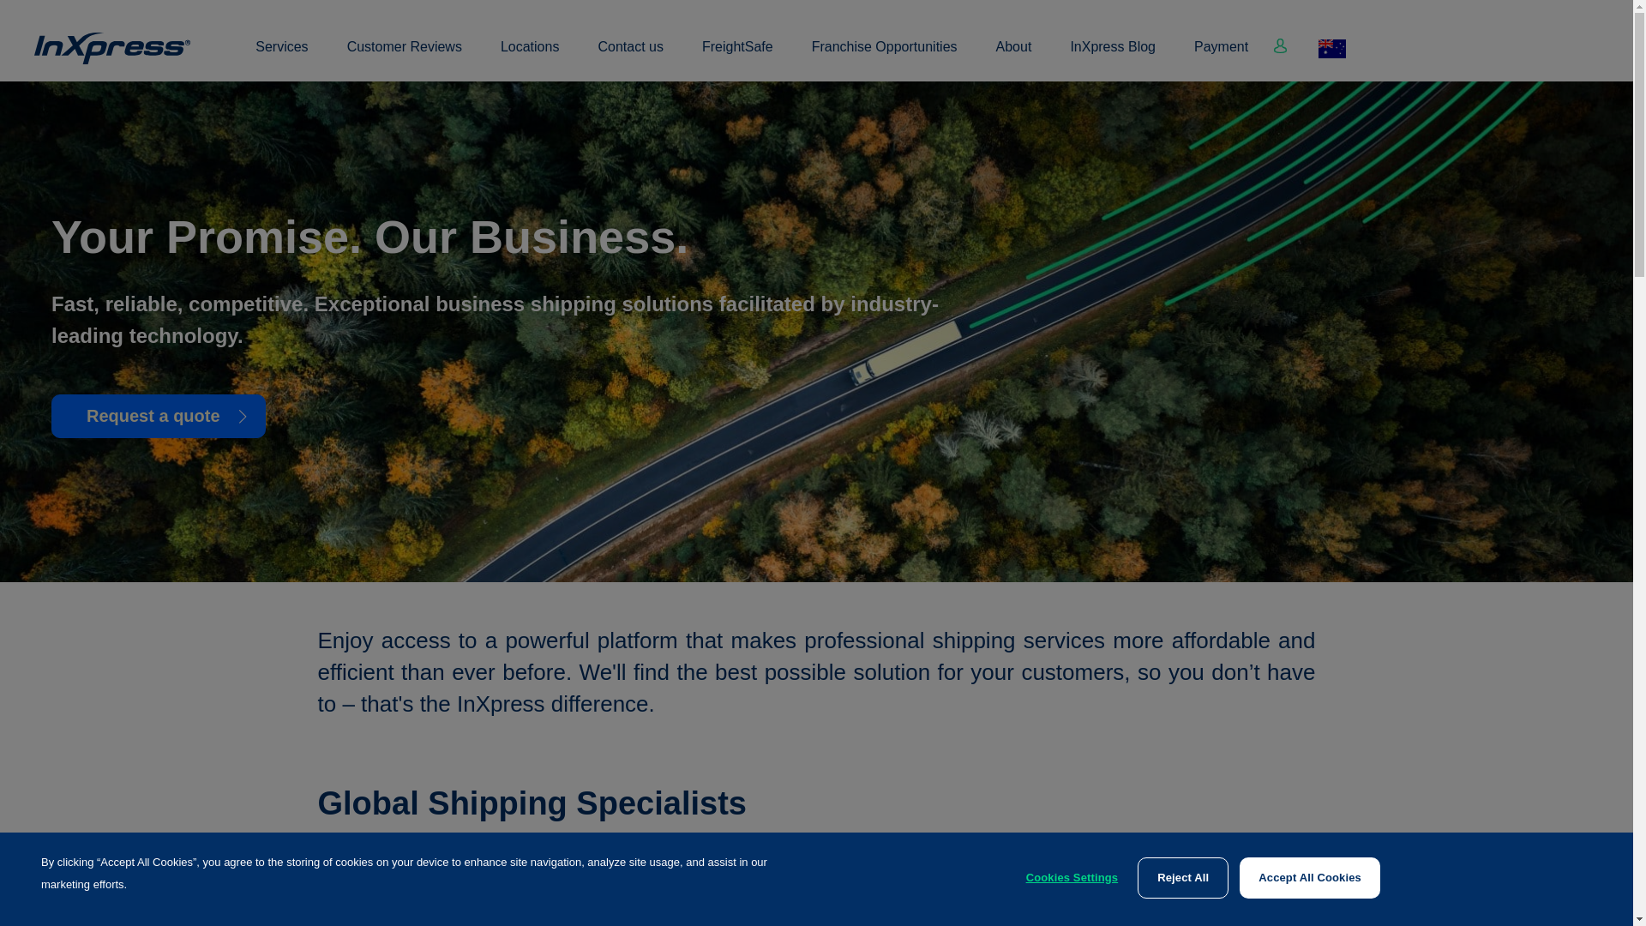  What do you see at coordinates (1220, 56) in the screenshot?
I see `'Payment'` at bounding box center [1220, 56].